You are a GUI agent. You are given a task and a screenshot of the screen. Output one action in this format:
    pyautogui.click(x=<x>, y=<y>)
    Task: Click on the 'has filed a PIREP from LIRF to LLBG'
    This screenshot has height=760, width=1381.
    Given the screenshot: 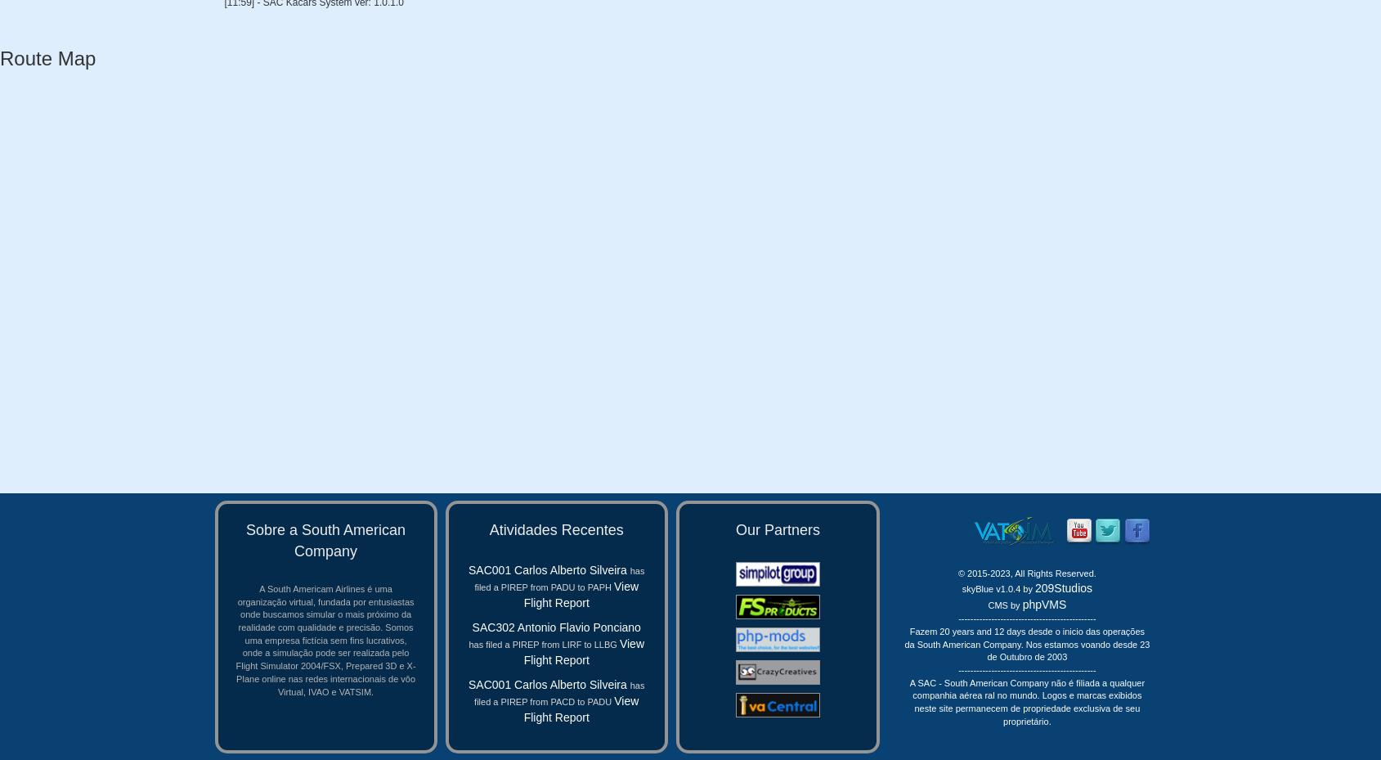 What is the action you would take?
    pyautogui.click(x=543, y=643)
    